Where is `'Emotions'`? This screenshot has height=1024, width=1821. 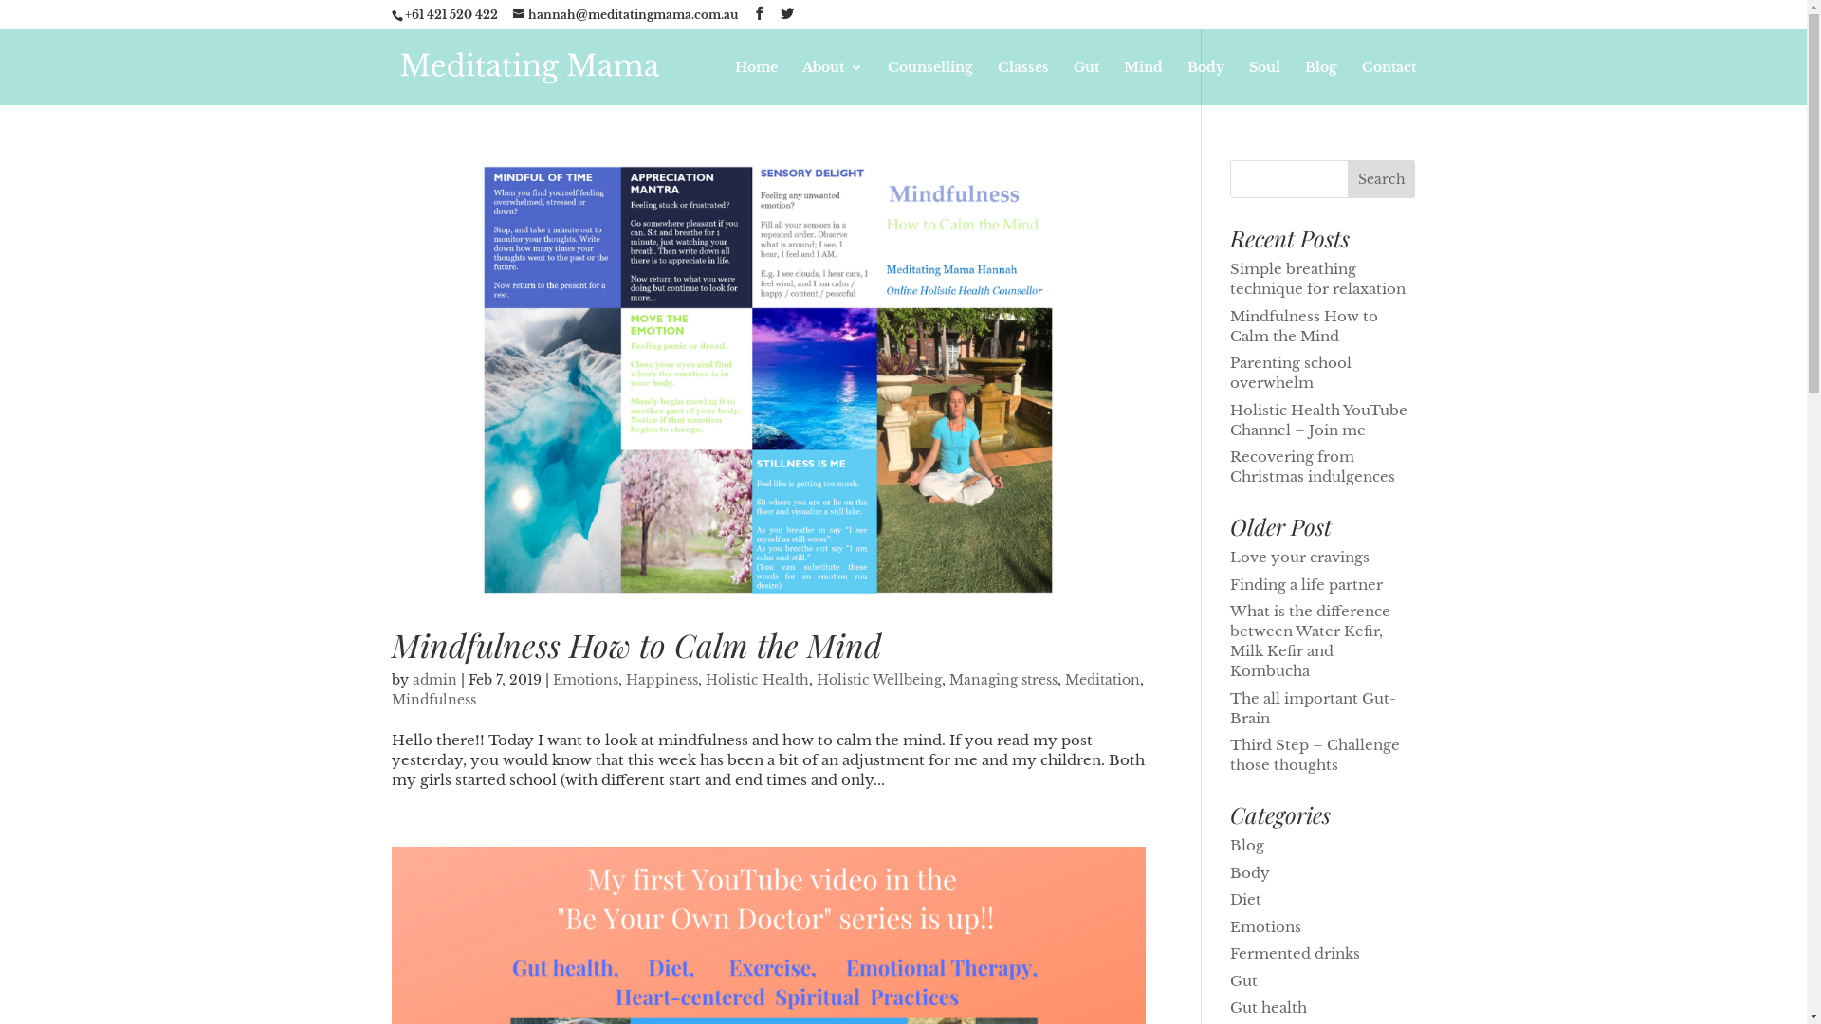 'Emotions' is located at coordinates (583, 679).